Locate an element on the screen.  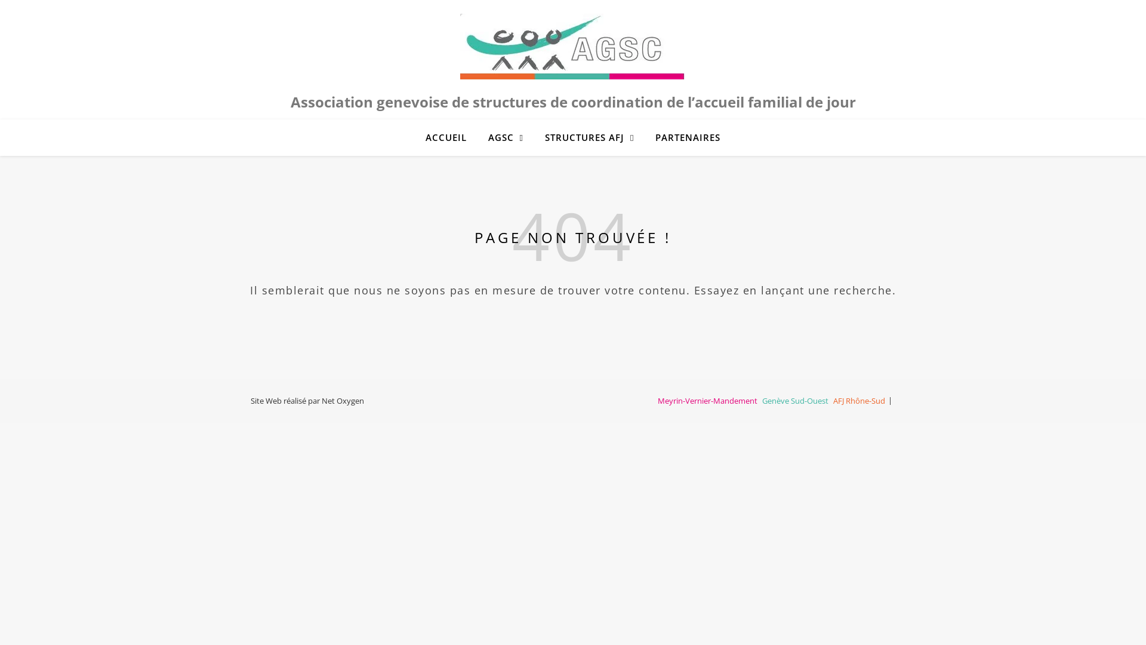
'AGSC' is located at coordinates (506, 137).